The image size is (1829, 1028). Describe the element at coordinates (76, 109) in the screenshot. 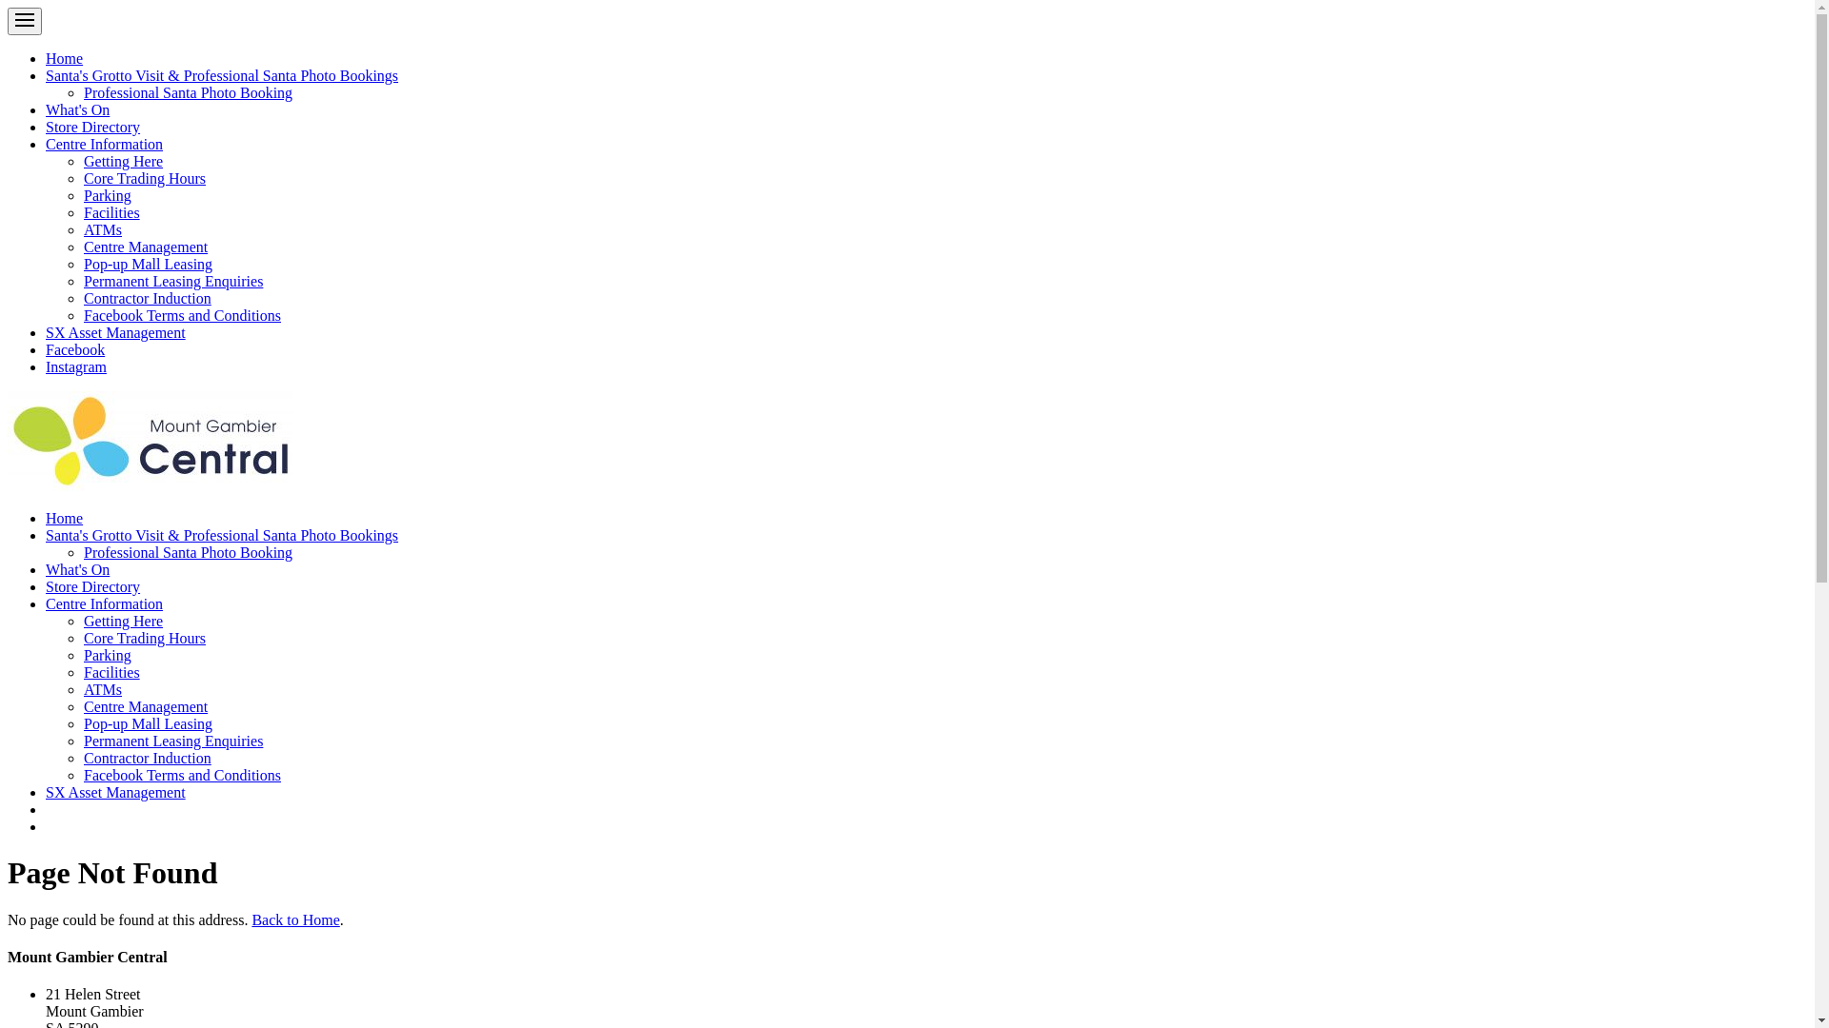

I see `'What's On'` at that location.